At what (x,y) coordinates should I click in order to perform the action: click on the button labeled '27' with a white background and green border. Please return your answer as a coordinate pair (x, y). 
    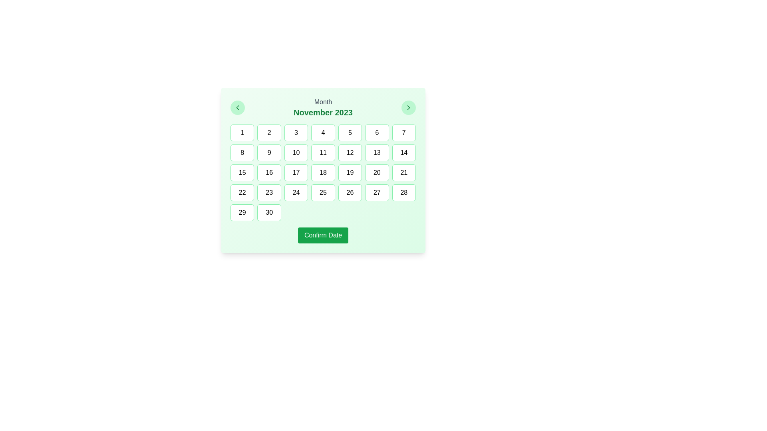
    Looking at the image, I should click on (376, 192).